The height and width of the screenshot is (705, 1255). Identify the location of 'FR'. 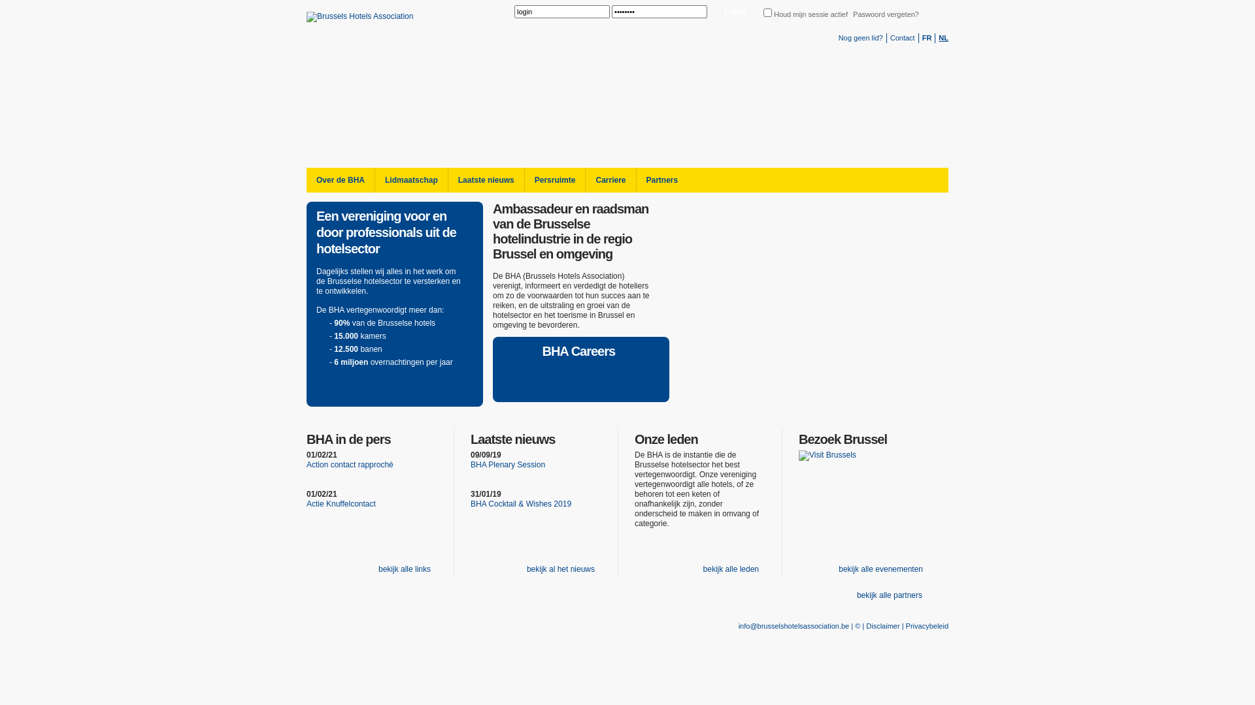
(926, 37).